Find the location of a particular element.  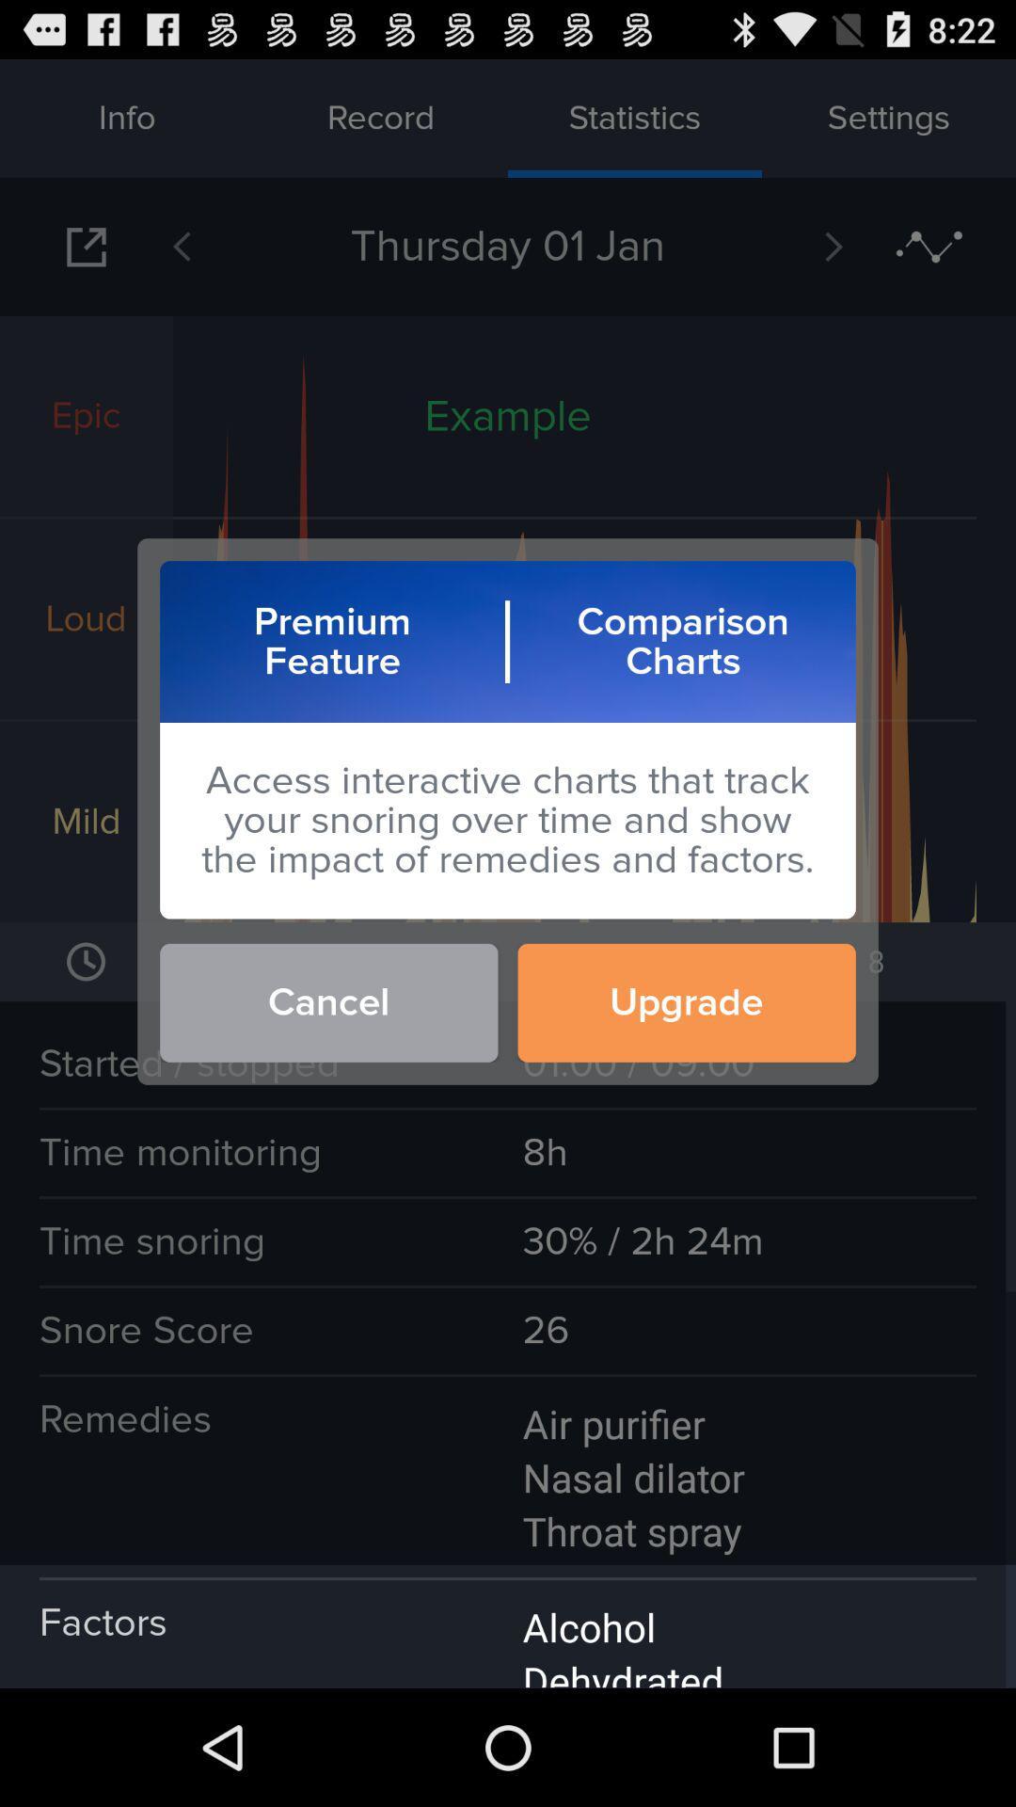

item below access interactive charts app is located at coordinates (687, 1001).